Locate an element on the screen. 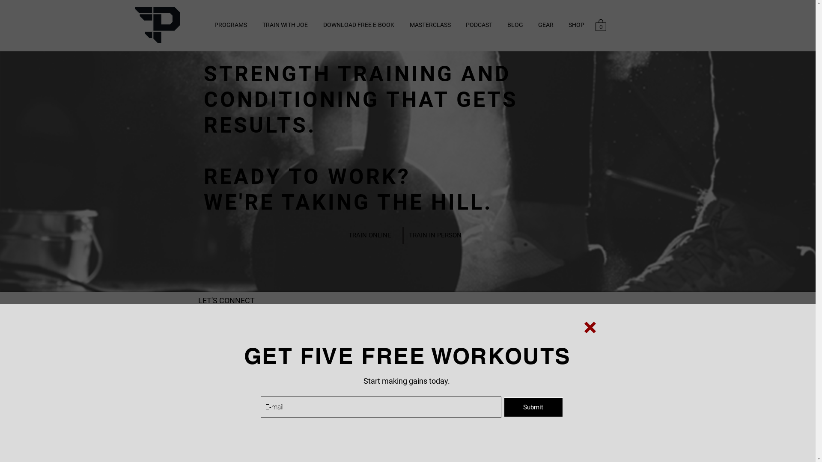 This screenshot has height=462, width=822. 'PROGRAMS' is located at coordinates (230, 24).